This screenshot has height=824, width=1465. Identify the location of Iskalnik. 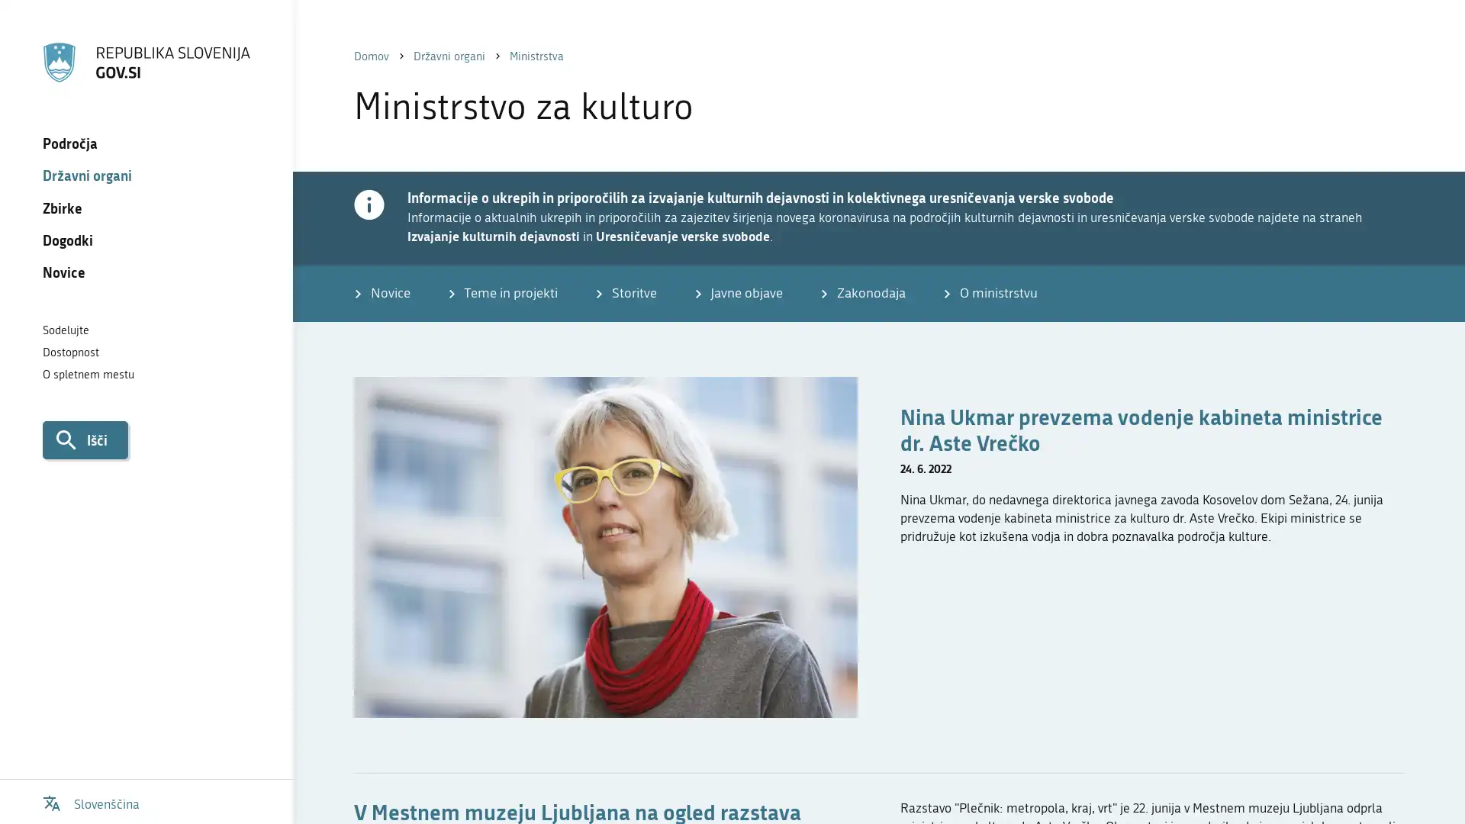
(84, 439).